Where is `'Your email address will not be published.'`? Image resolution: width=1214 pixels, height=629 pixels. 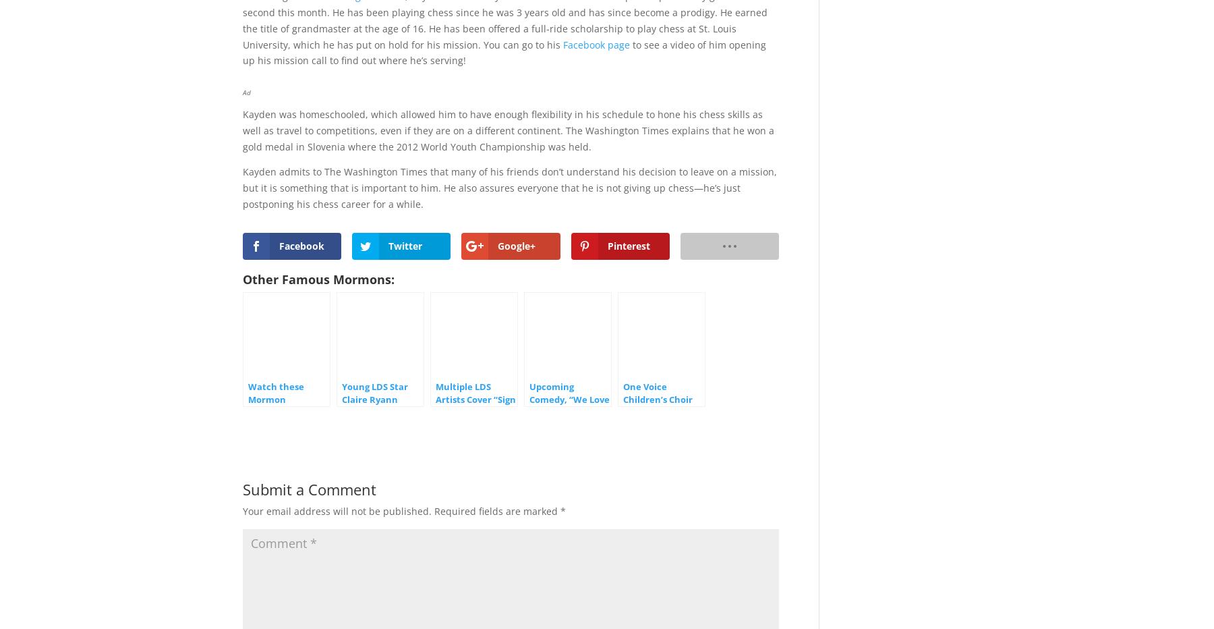 'Your email address will not be published.' is located at coordinates (337, 510).